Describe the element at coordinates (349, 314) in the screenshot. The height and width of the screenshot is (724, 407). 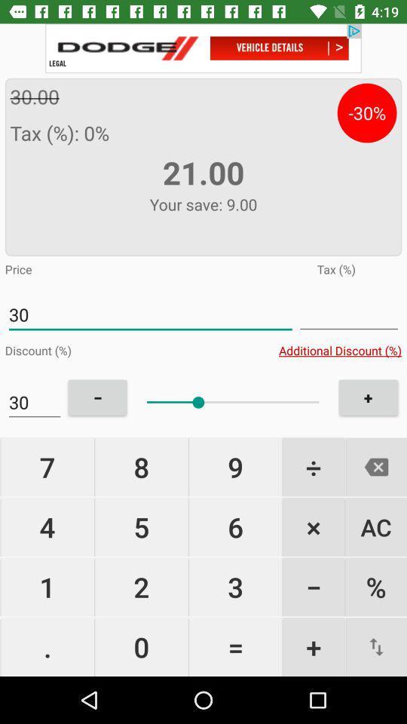
I see `line` at that location.